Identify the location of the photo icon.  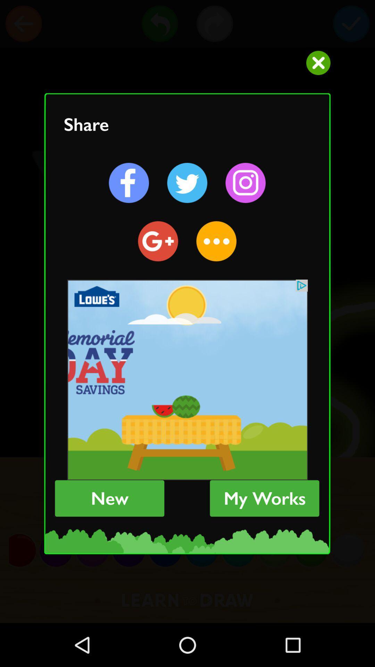
(245, 183).